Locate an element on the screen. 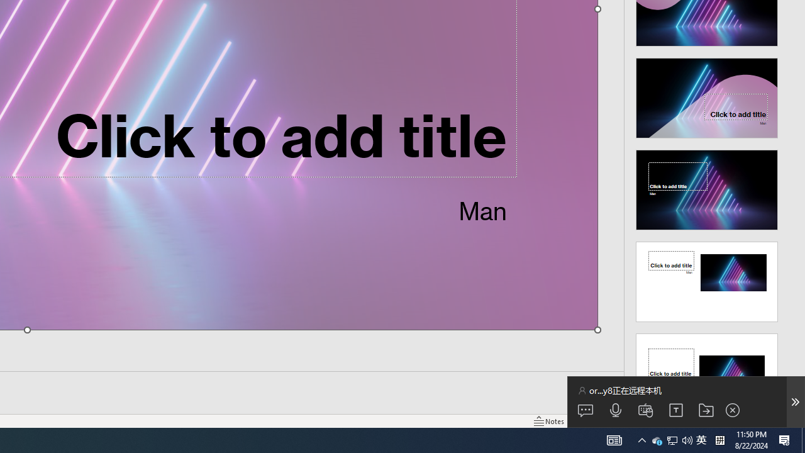 Image resolution: width=805 pixels, height=453 pixels. 'Zoom to Fit ' is located at coordinates (796, 421).